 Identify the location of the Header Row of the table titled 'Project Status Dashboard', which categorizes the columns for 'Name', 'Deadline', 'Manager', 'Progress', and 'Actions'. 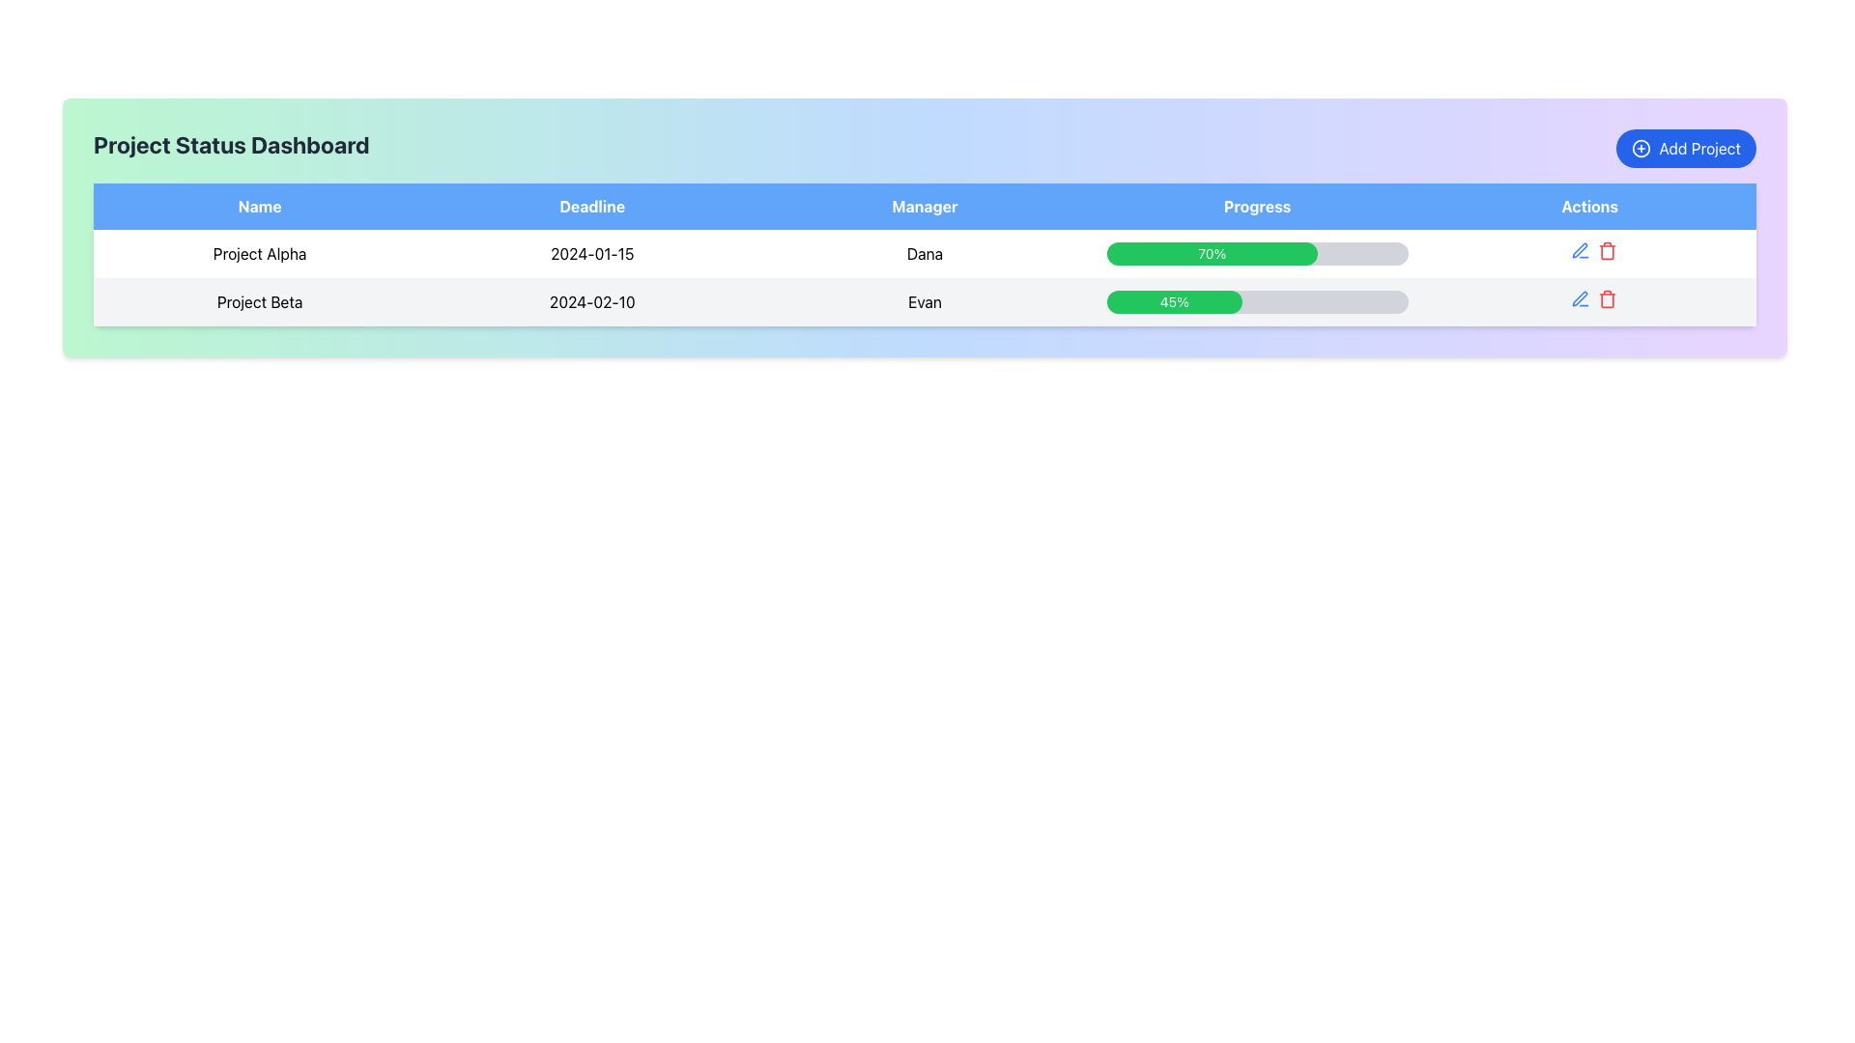
(924, 206).